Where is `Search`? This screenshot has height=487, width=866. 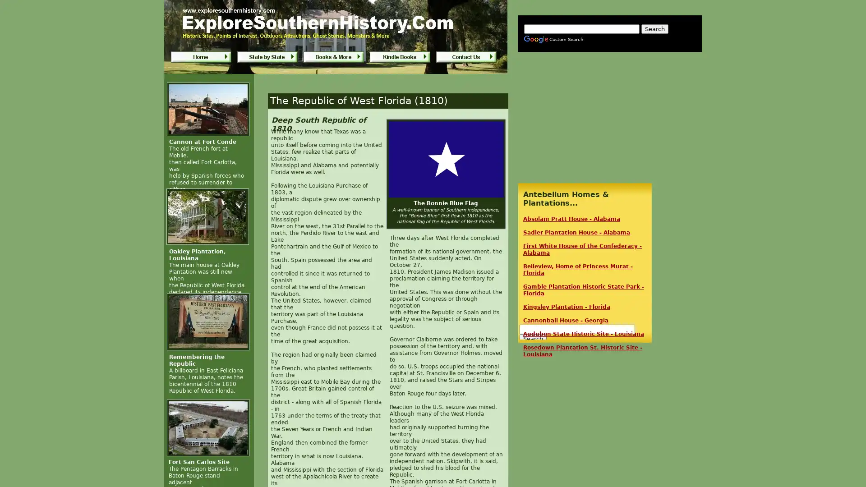
Search is located at coordinates (654, 28).